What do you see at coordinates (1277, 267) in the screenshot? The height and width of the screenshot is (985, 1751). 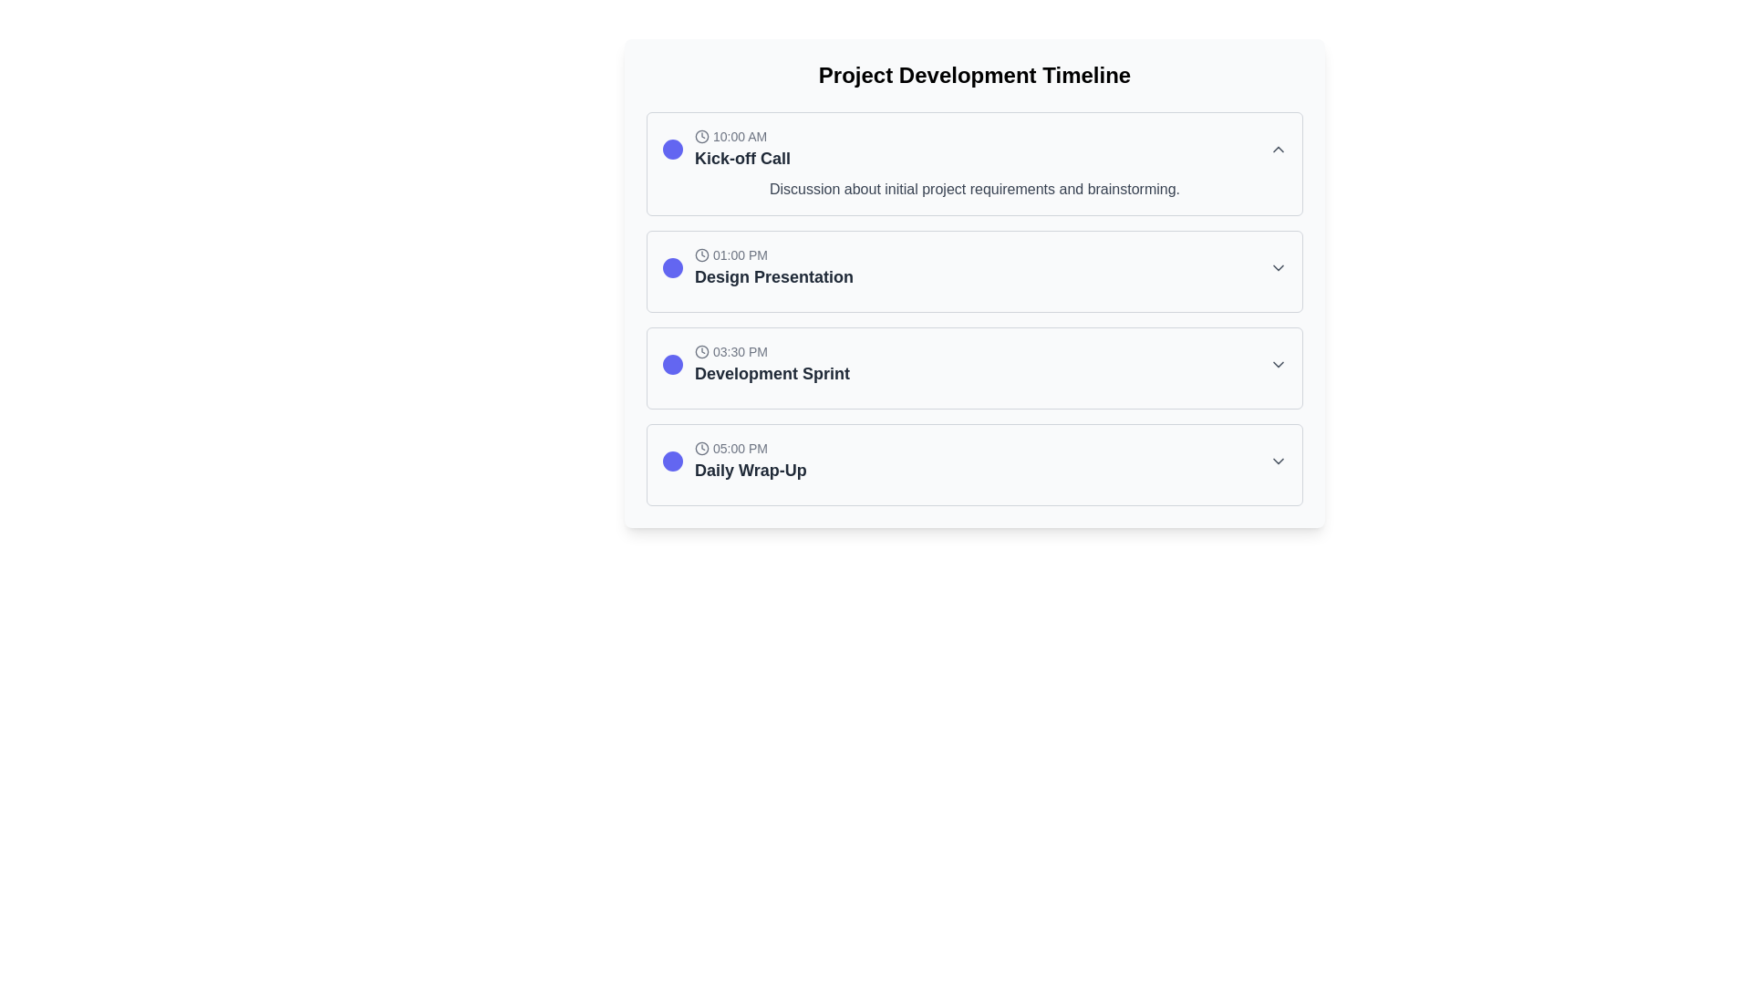 I see `the downward-pointing gray arrow icon located to the far right of the '01:00 PM Design Presentation' section header` at bounding box center [1277, 267].